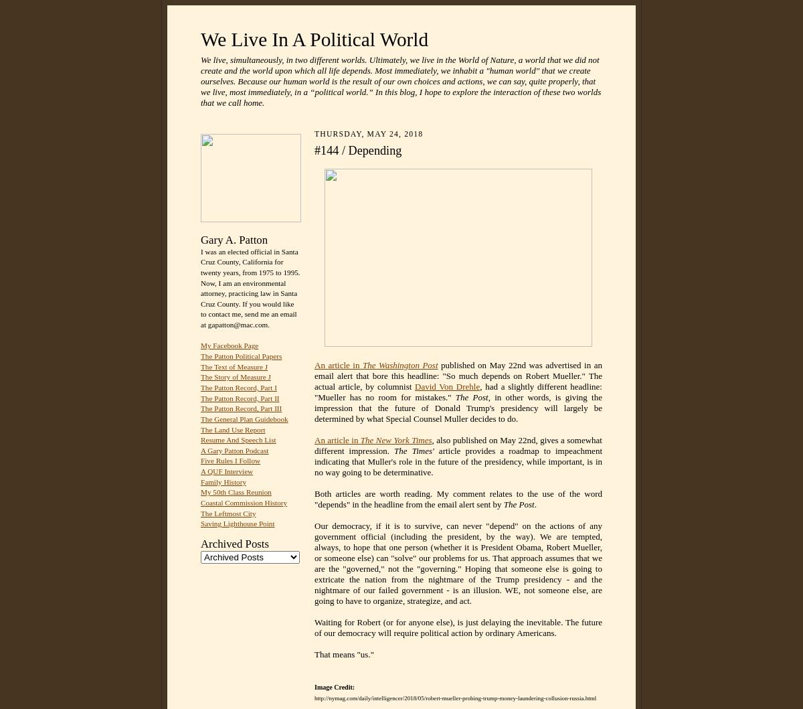  Describe the element at coordinates (458, 627) in the screenshot. I see `'Waiting for Robert (or for anyone else), is just delaying the inevitable. The future of our democracy will require political action by ordinary Americans.'` at that location.